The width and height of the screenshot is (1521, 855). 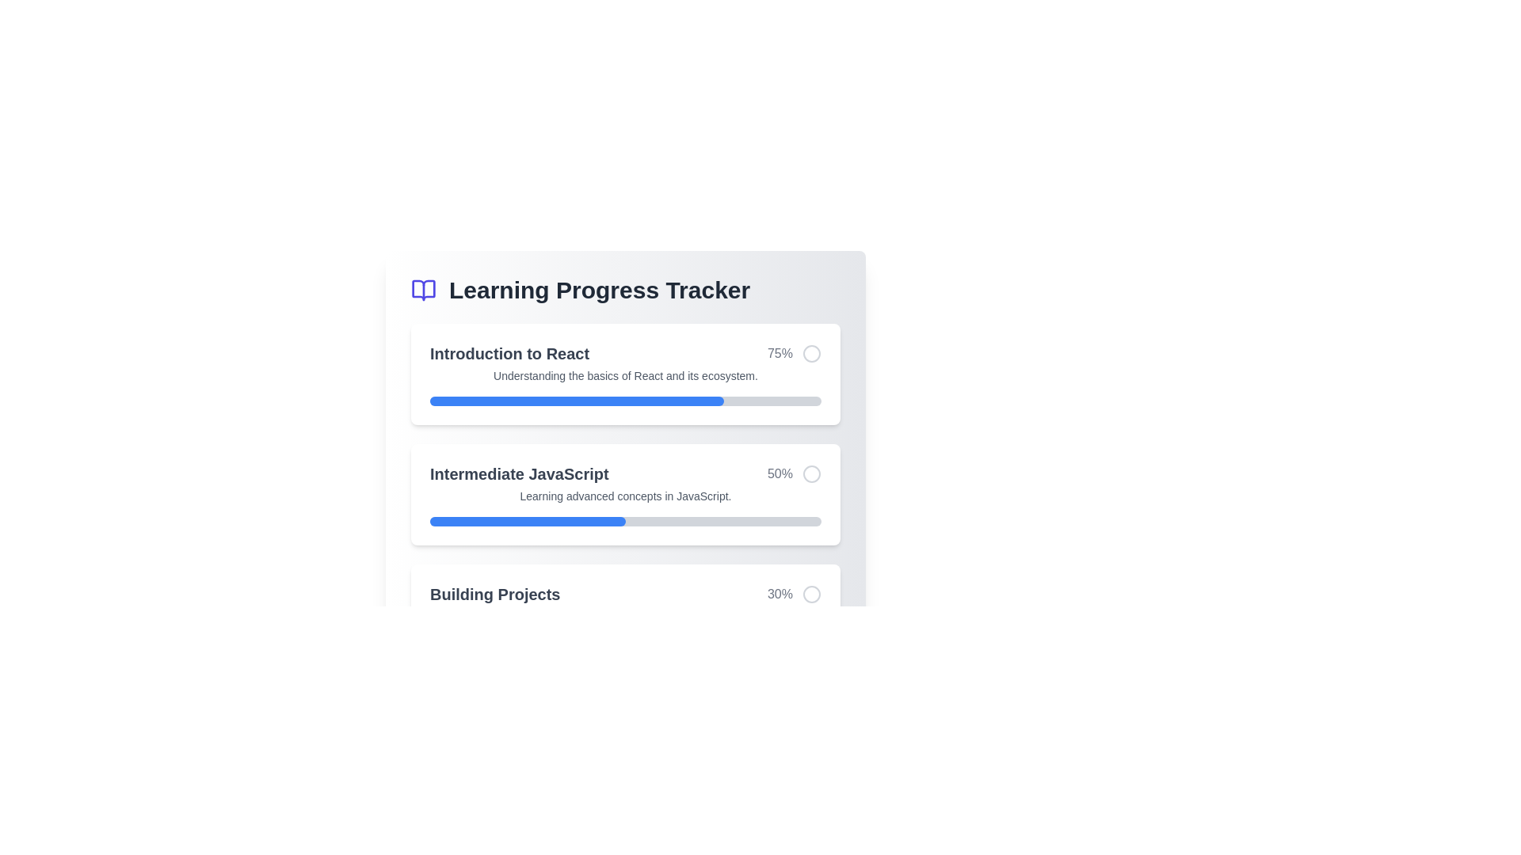 What do you see at coordinates (812, 473) in the screenshot?
I see `icon representing progress tracking located to the right of the 'Intermediate JavaScript' item in the progress tracker interface` at bounding box center [812, 473].